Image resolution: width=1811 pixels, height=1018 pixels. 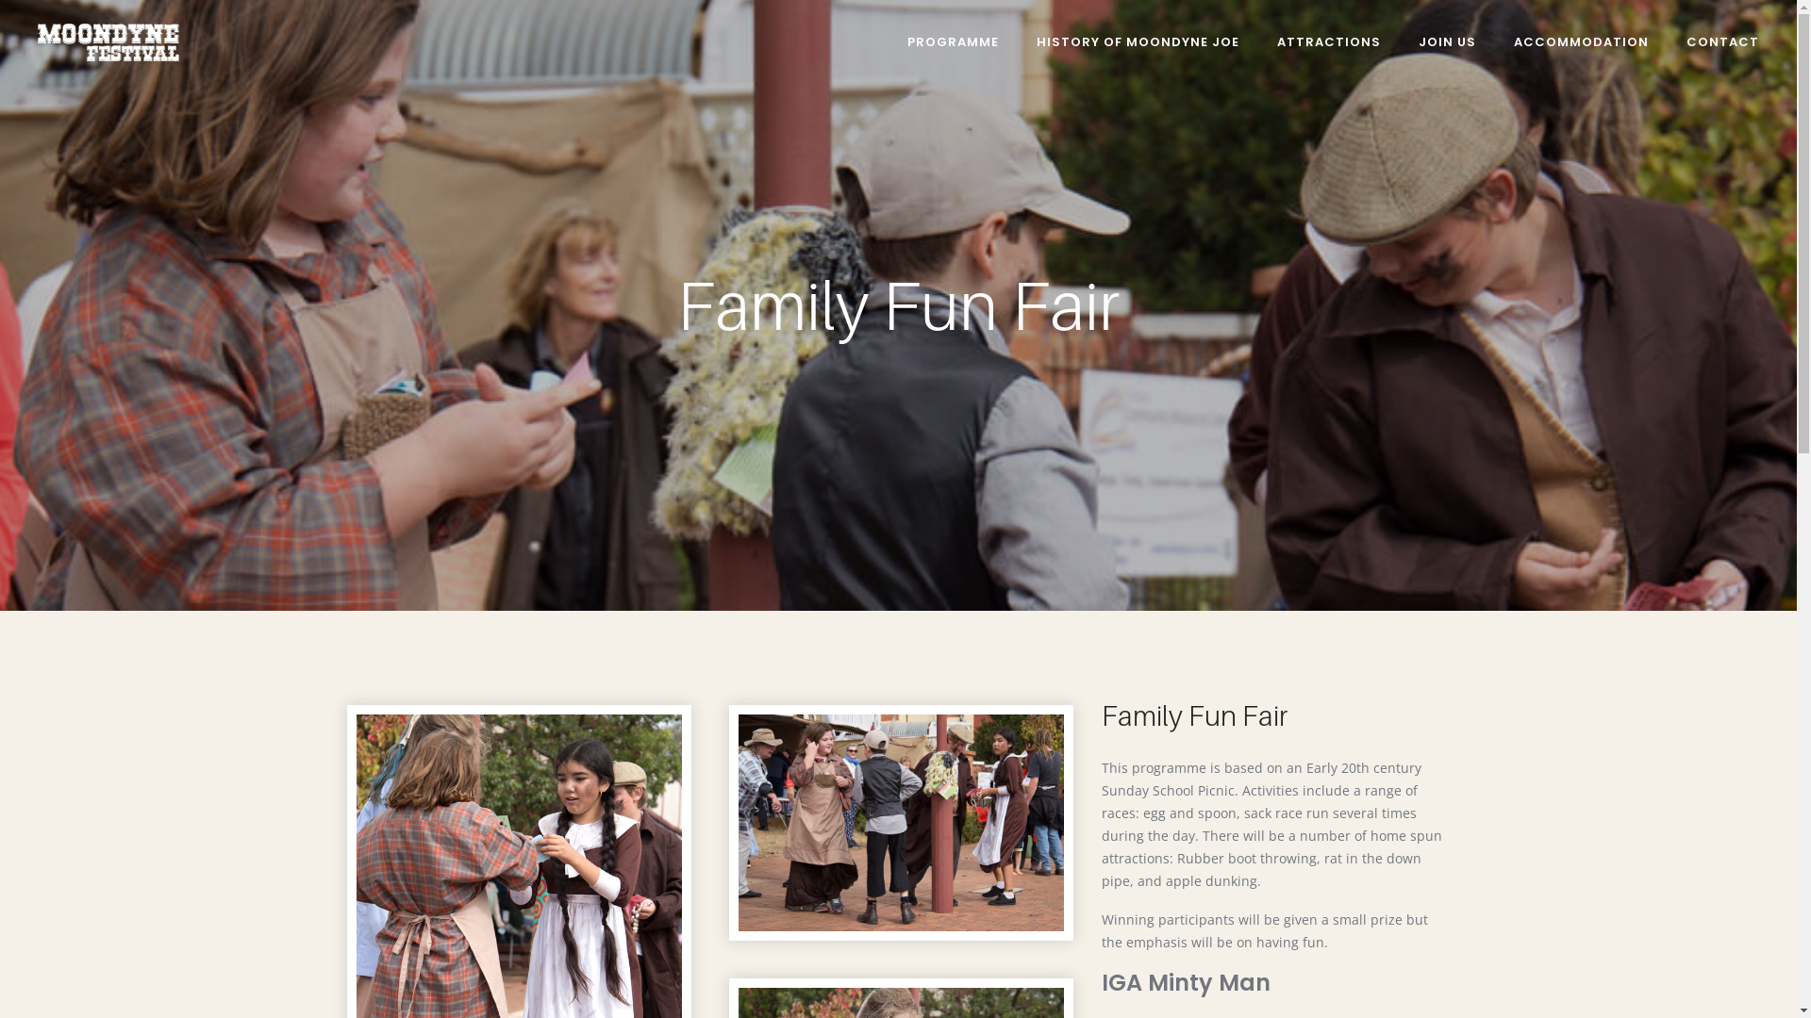 What do you see at coordinates (1446, 42) in the screenshot?
I see `'JOIN US'` at bounding box center [1446, 42].